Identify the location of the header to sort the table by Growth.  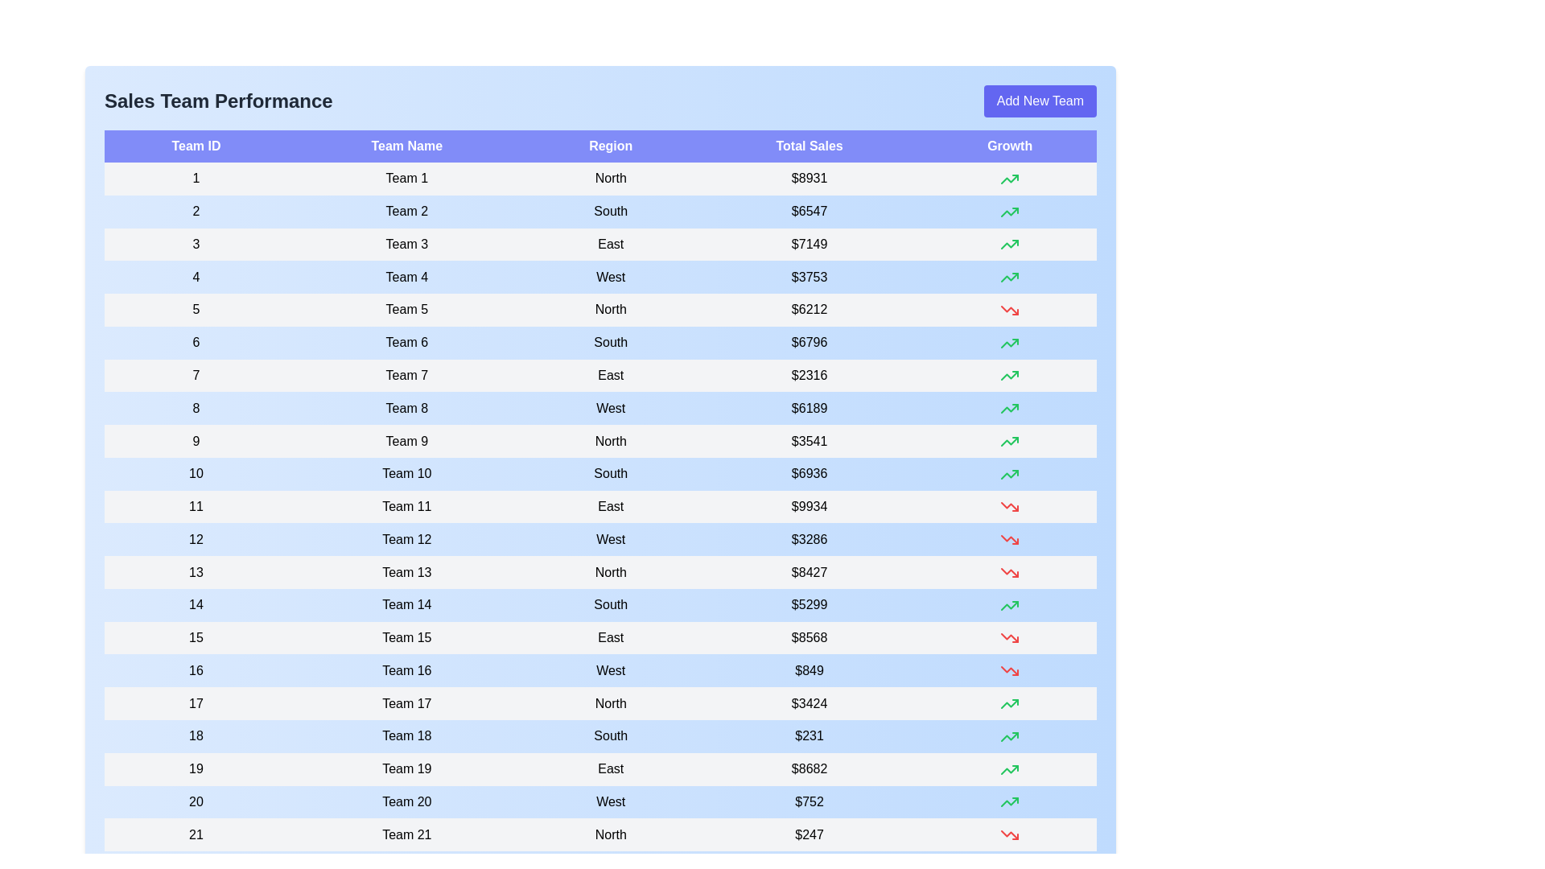
(1009, 146).